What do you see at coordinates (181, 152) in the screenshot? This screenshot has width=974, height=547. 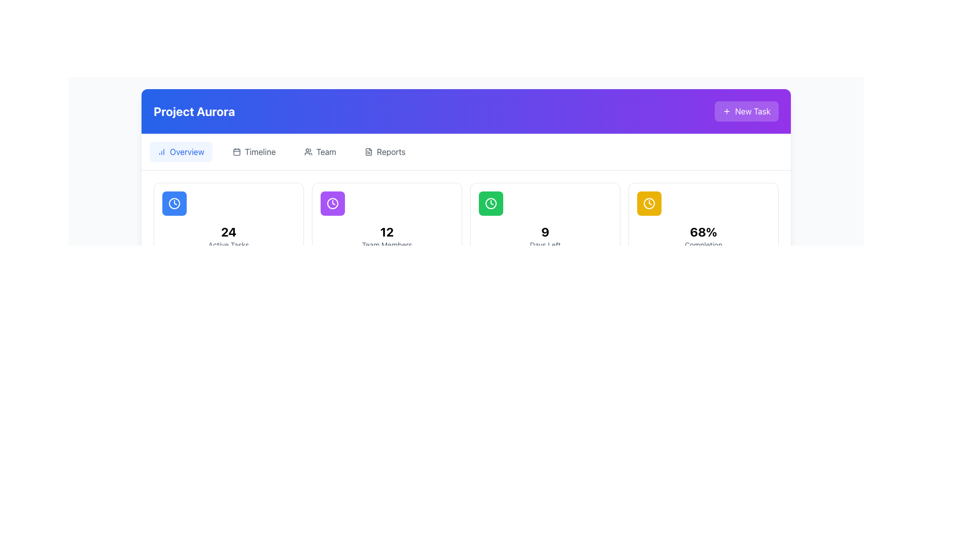 I see `the Navigation Button labeled 'Overview' with a light blue background and dark blue text, which is the first button in the toolbar section` at bounding box center [181, 152].